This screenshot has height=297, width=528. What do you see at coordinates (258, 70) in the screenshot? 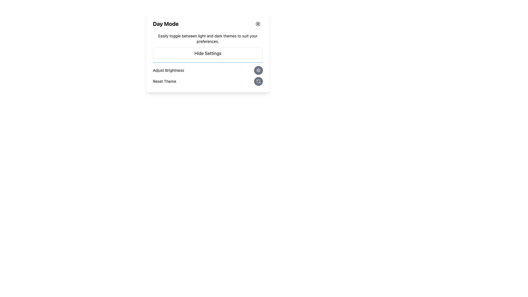
I see `the cog-like settings icon located in the top-right corner inside the 'Day Mode' segment` at bounding box center [258, 70].